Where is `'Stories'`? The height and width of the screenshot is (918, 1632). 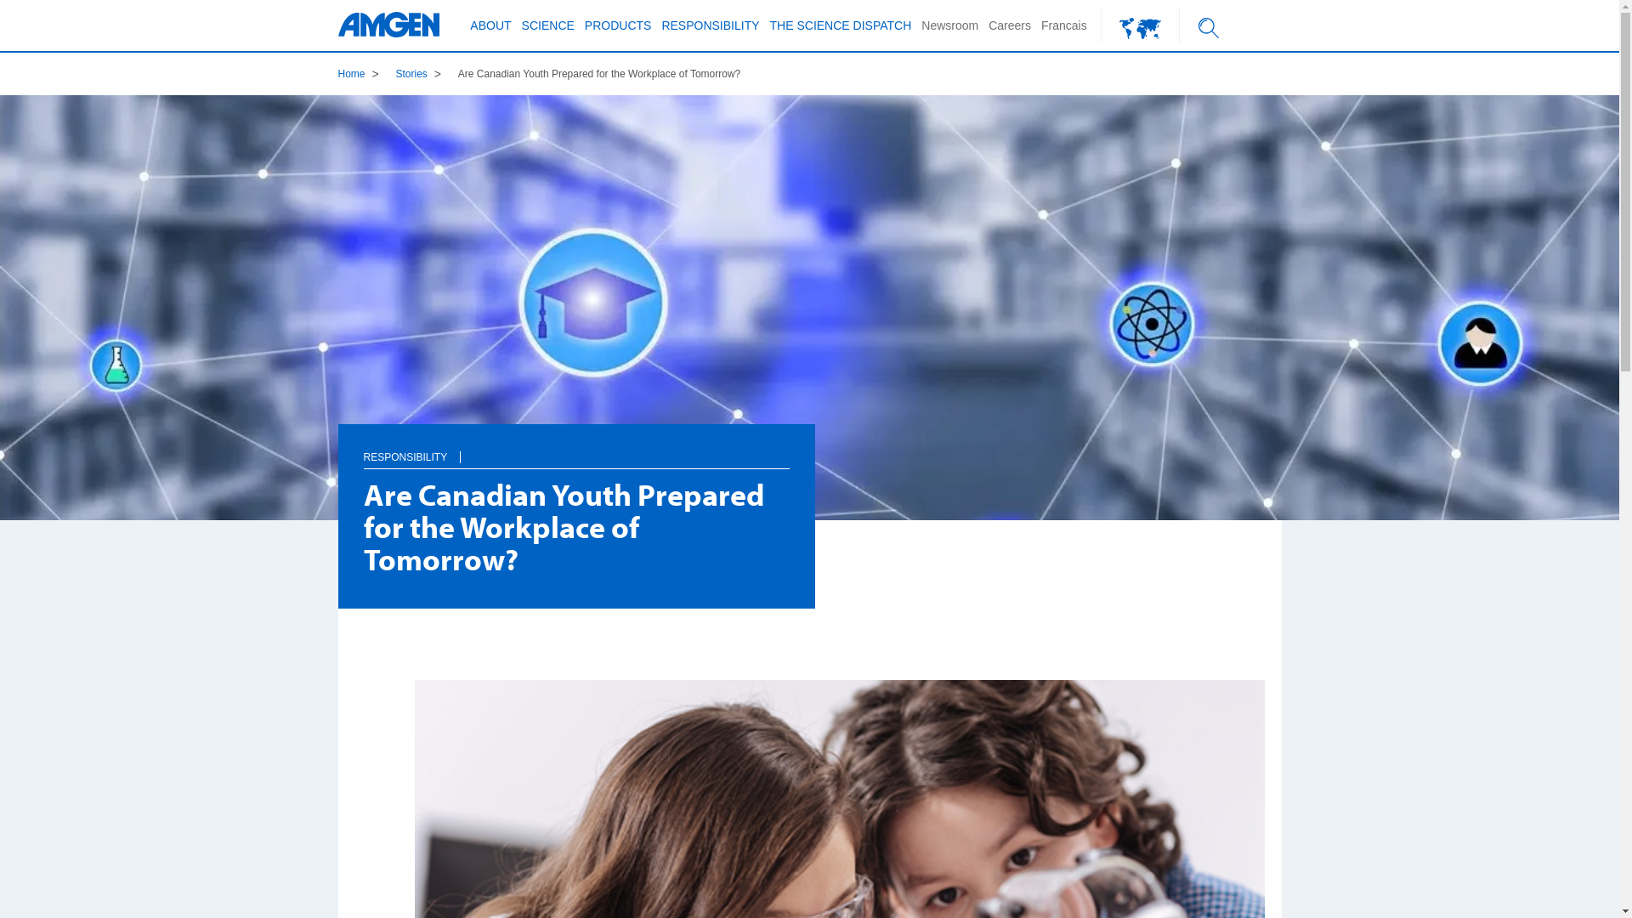 'Stories' is located at coordinates (394, 73).